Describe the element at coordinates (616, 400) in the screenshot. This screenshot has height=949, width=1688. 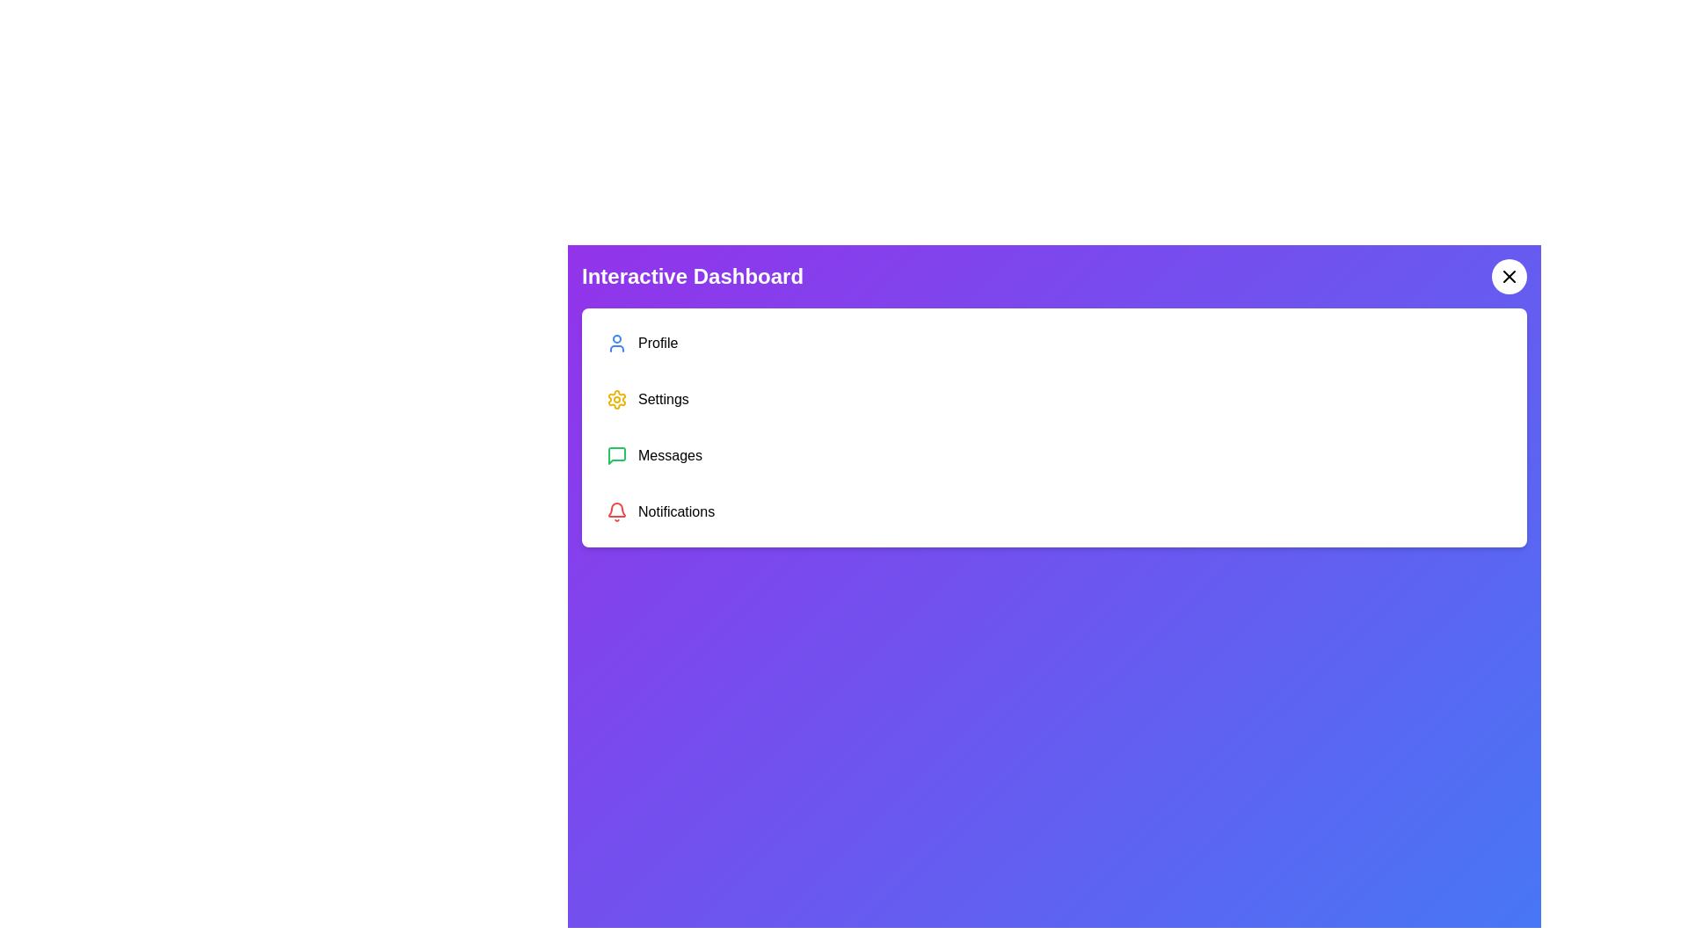
I see `the gear-shaped icon with a yellow stroke, located between the 'Profile' and 'Messages' options` at that location.